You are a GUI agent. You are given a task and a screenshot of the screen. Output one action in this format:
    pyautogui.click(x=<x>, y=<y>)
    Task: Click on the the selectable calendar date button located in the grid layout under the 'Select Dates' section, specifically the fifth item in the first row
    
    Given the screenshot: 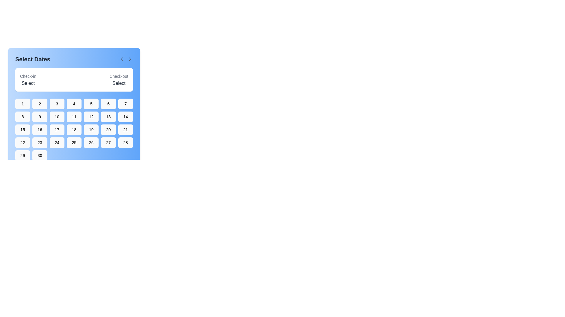 What is the action you would take?
    pyautogui.click(x=91, y=104)
    